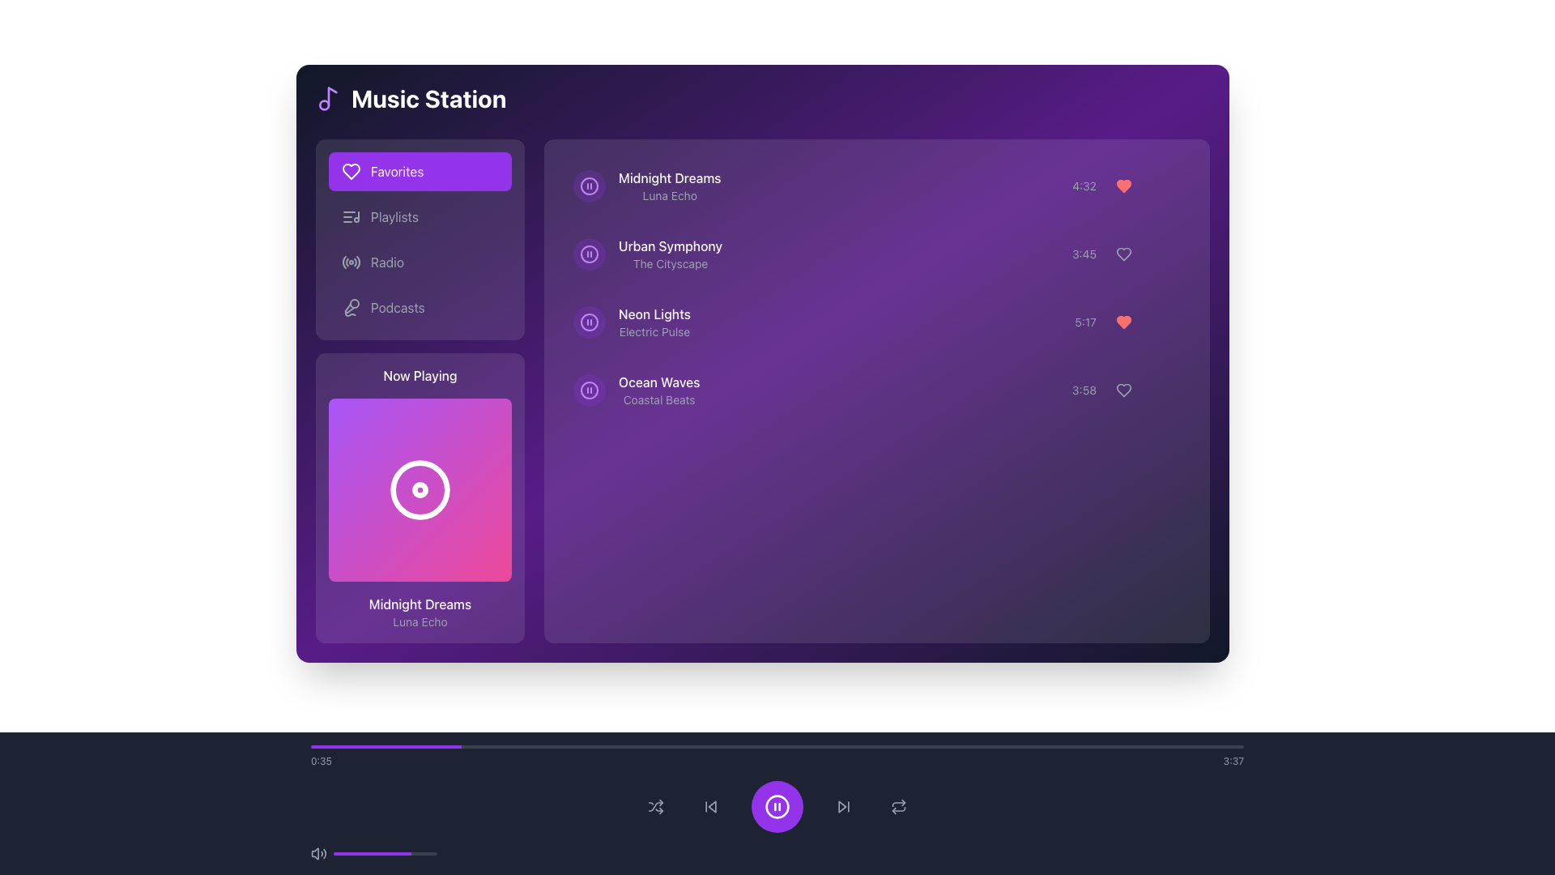  What do you see at coordinates (379, 852) in the screenshot?
I see `the slider value` at bounding box center [379, 852].